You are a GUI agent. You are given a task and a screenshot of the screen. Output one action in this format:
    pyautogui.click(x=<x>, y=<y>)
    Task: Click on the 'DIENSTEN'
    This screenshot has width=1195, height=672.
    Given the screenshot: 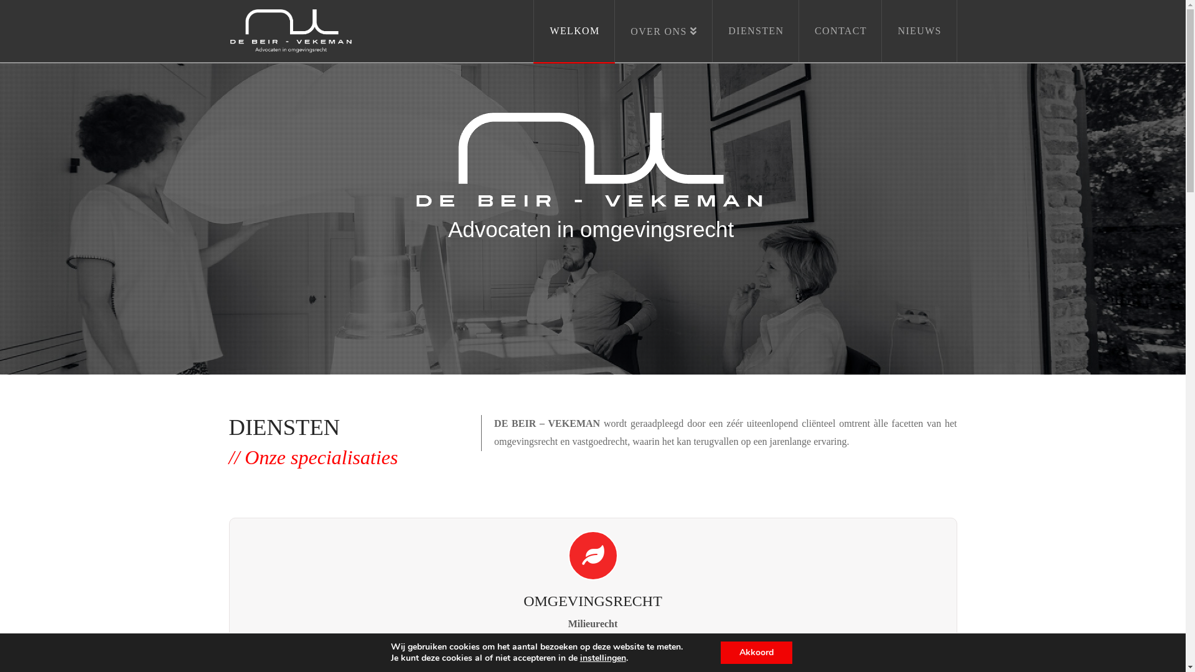 What is the action you would take?
    pyautogui.click(x=755, y=30)
    